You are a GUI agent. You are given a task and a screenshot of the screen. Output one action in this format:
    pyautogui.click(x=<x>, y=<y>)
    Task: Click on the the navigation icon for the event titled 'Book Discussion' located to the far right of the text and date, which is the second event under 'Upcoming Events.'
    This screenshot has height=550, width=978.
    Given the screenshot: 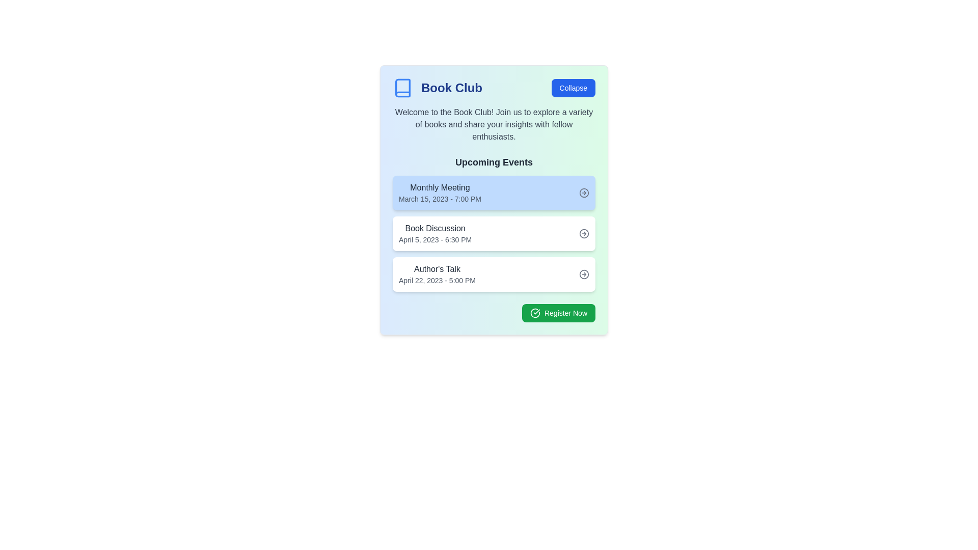 What is the action you would take?
    pyautogui.click(x=584, y=234)
    